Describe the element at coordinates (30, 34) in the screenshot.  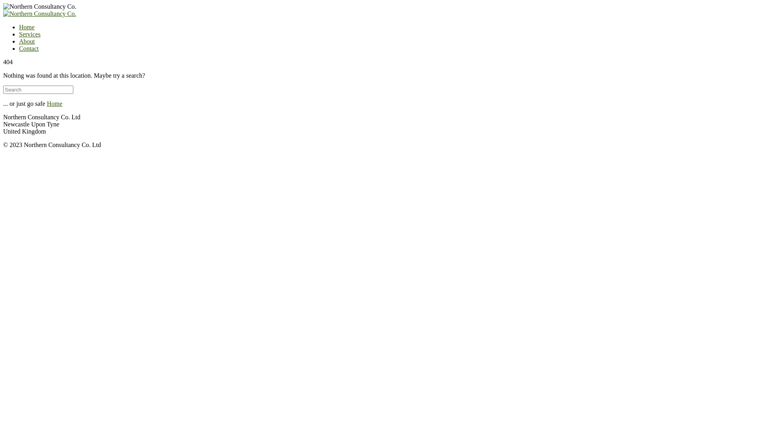
I see `'Services'` at that location.